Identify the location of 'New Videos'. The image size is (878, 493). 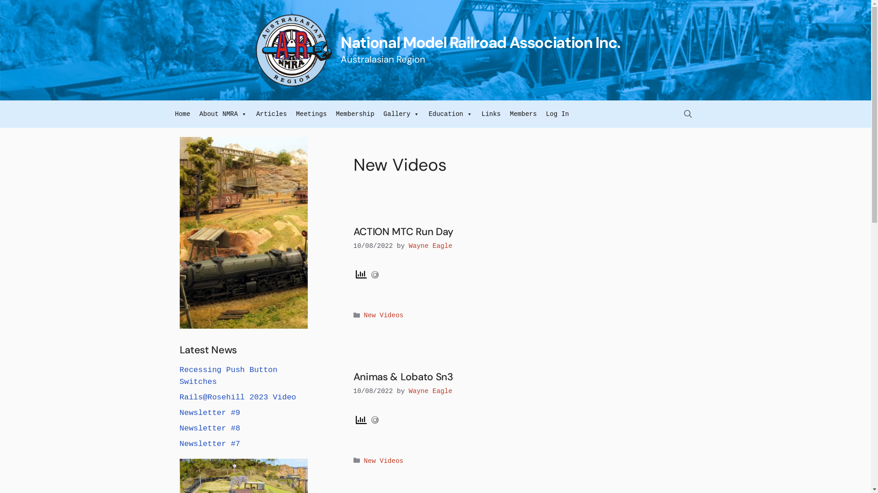
(384, 461).